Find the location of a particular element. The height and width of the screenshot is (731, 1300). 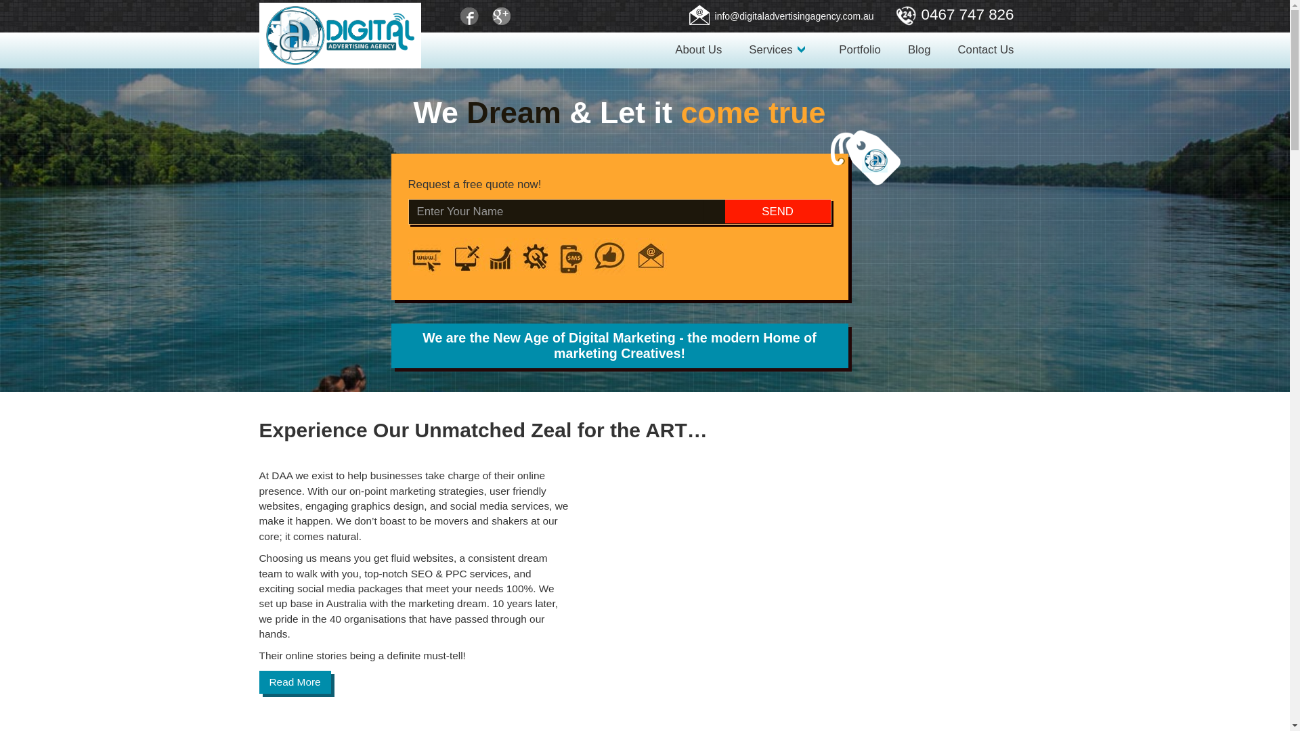

'Read More' is located at coordinates (294, 682).